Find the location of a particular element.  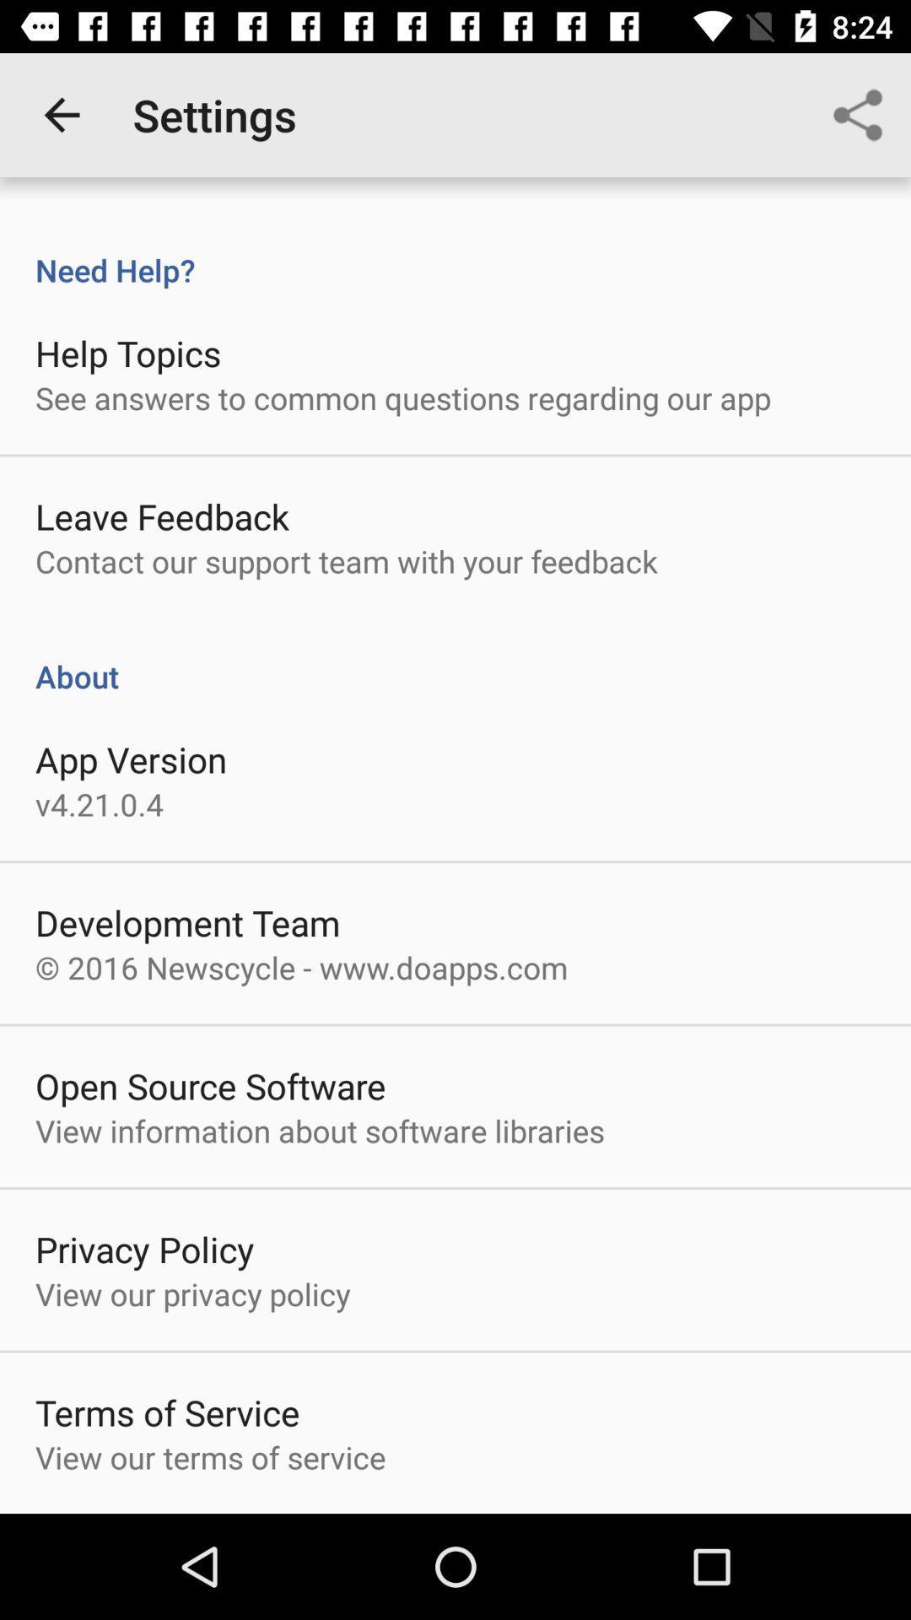

item below the 2016 newscycle www icon is located at coordinates (209, 1085).